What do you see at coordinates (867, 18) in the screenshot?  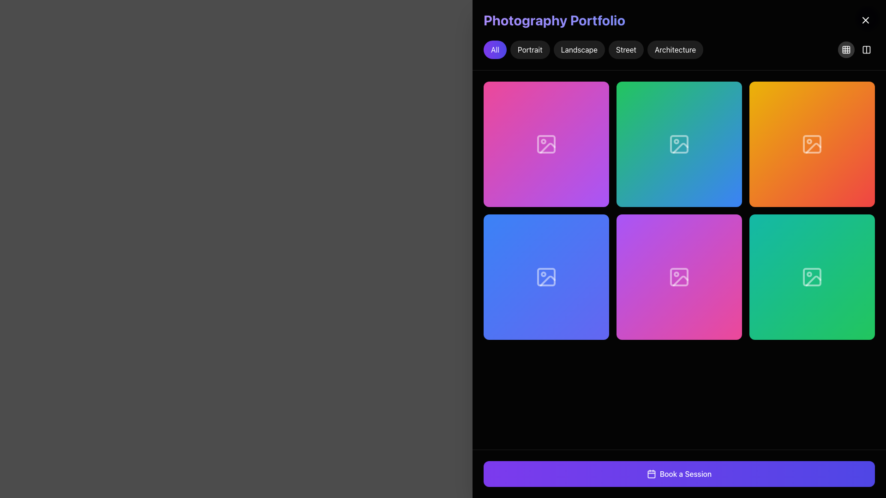 I see `the close button located at the top-right corner of the interface` at bounding box center [867, 18].